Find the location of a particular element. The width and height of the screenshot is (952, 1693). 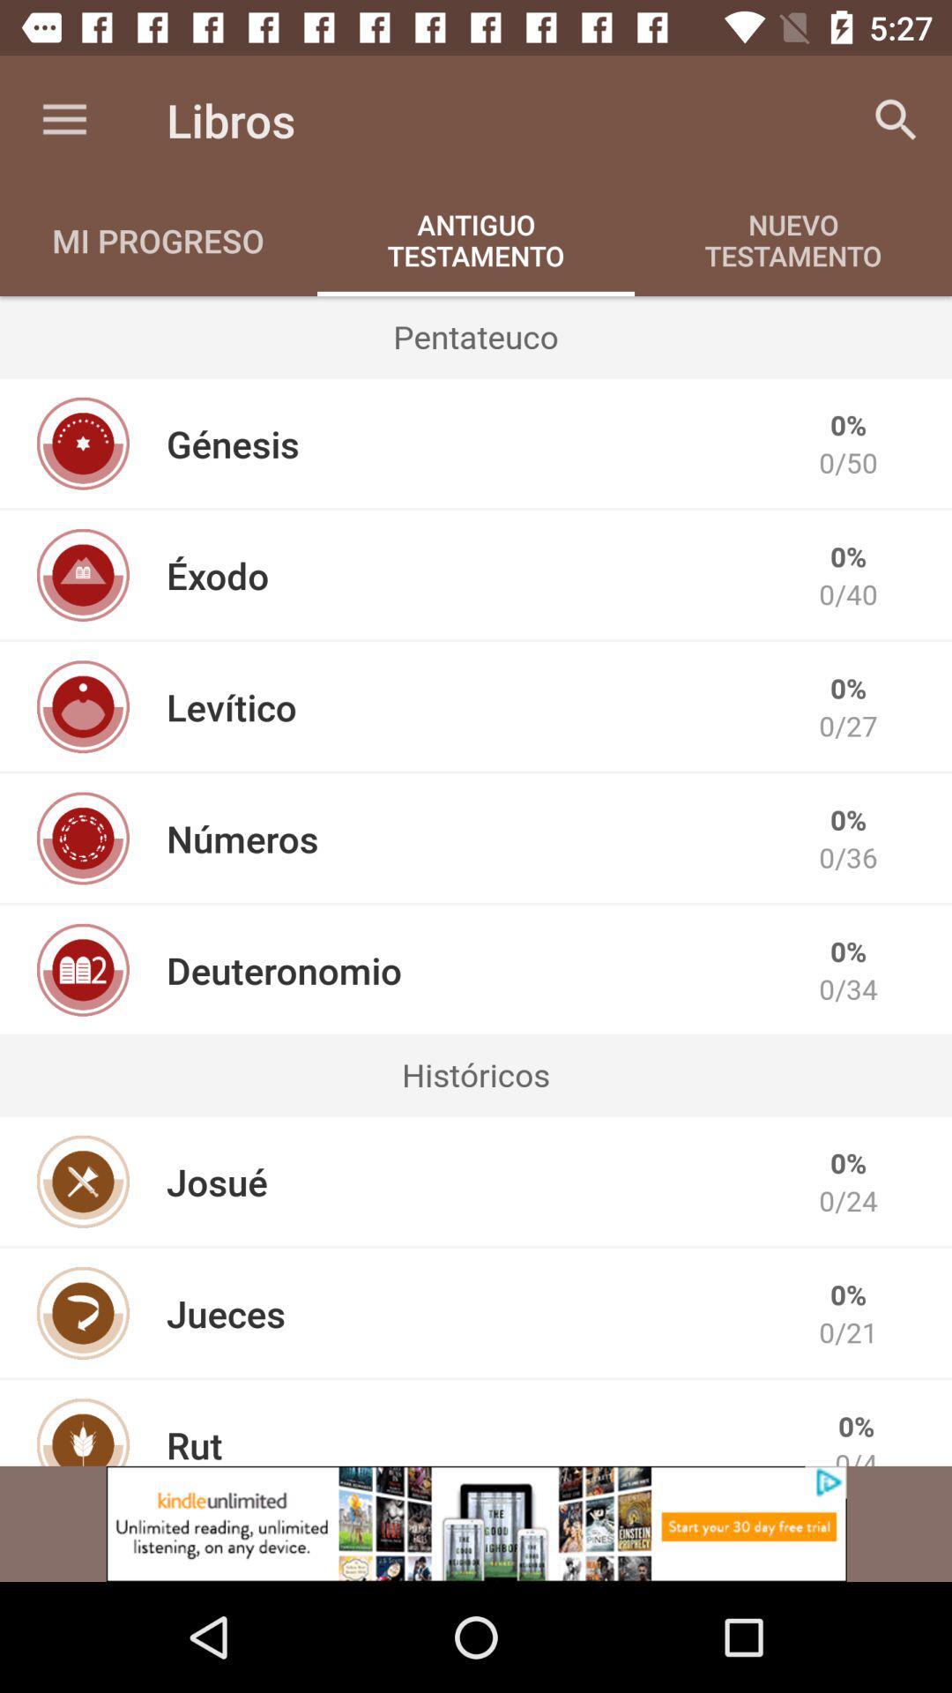

the item above the nuevo testamento item is located at coordinates (896, 119).